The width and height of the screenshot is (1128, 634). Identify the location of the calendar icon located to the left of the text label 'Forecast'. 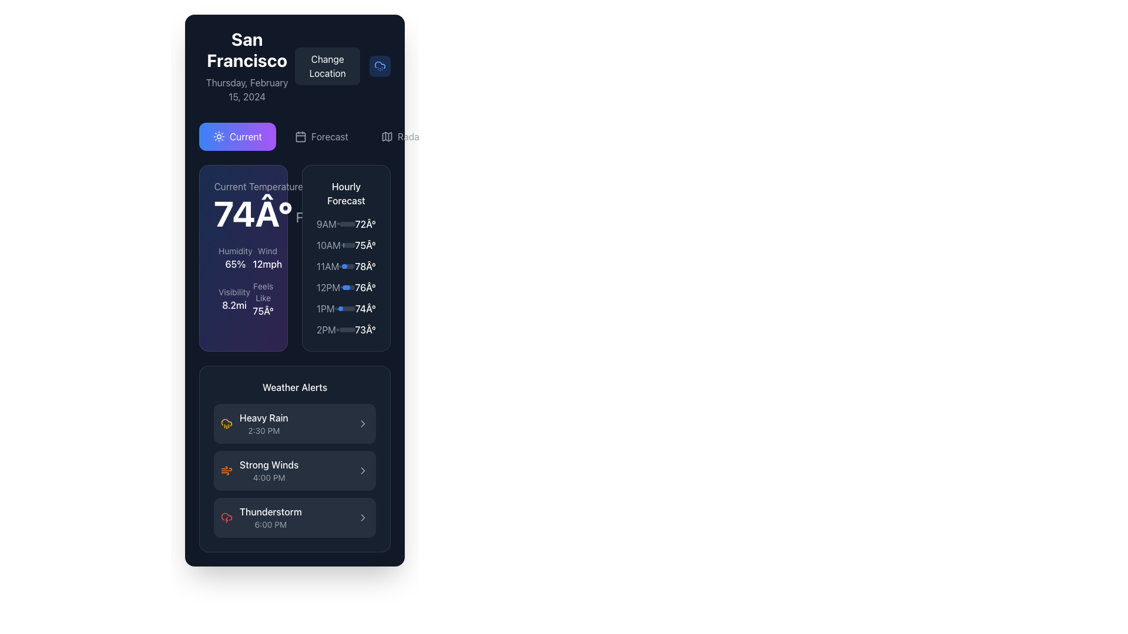
(301, 136).